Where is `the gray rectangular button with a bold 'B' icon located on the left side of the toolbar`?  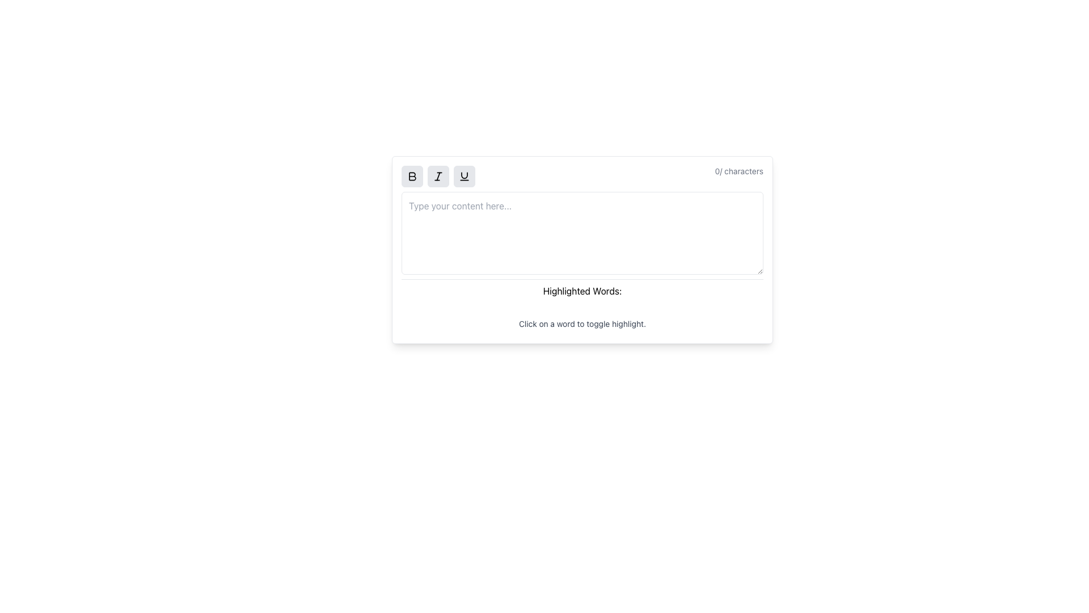 the gray rectangular button with a bold 'B' icon located on the left side of the toolbar is located at coordinates (411, 177).